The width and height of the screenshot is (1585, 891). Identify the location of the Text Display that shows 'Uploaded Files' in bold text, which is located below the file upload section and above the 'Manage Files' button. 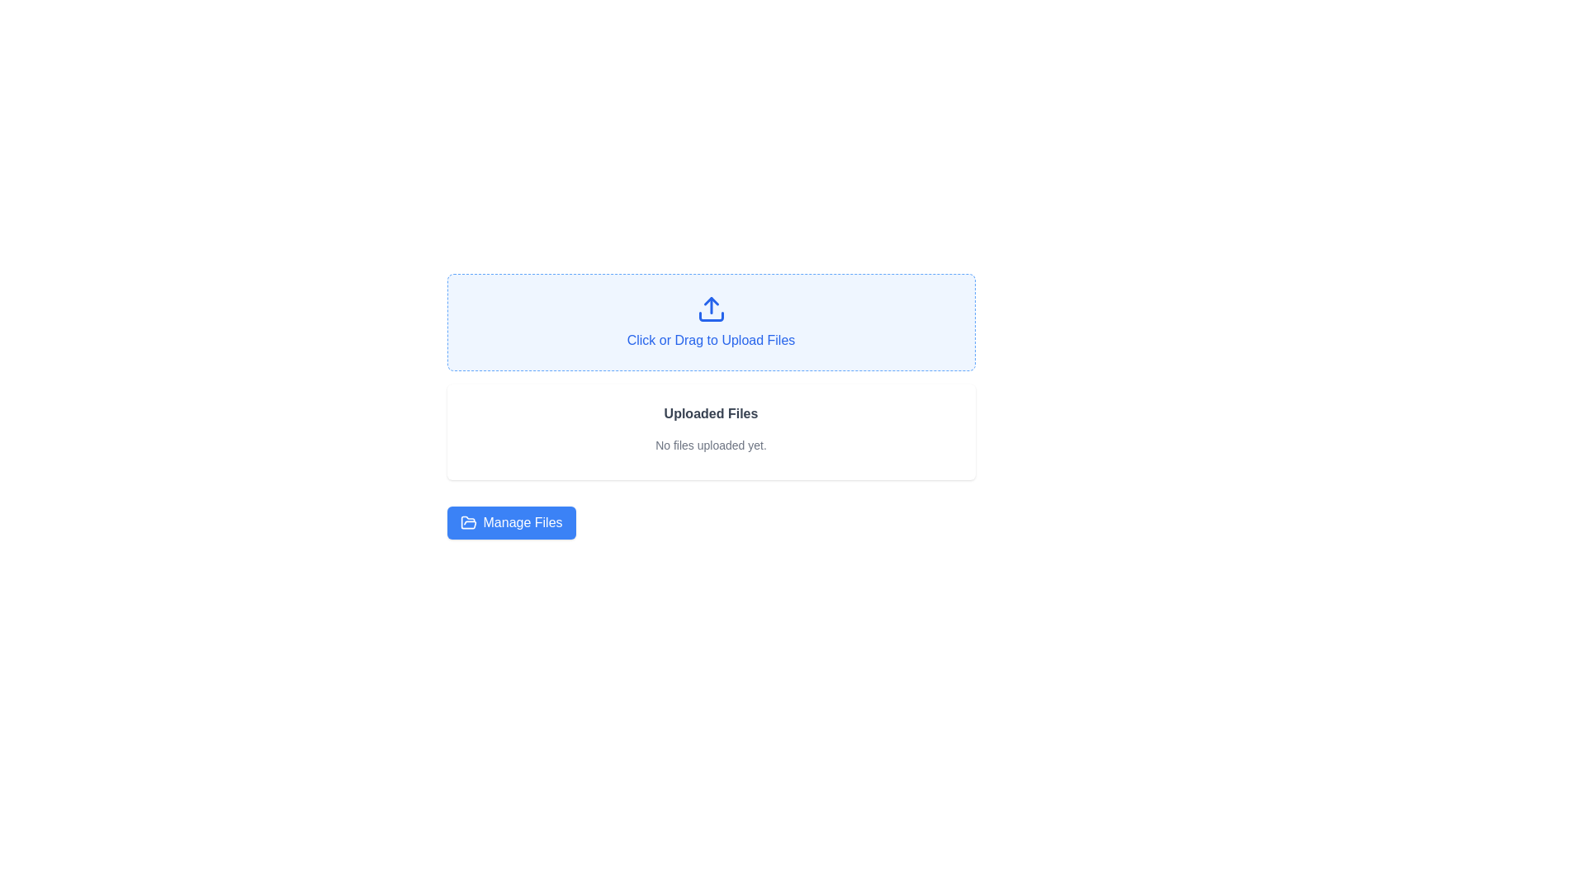
(711, 412).